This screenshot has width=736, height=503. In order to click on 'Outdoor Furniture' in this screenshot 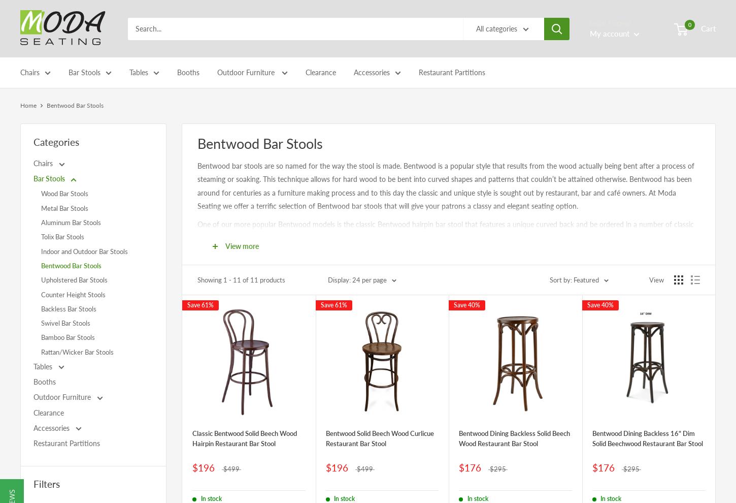, I will do `click(247, 72)`.